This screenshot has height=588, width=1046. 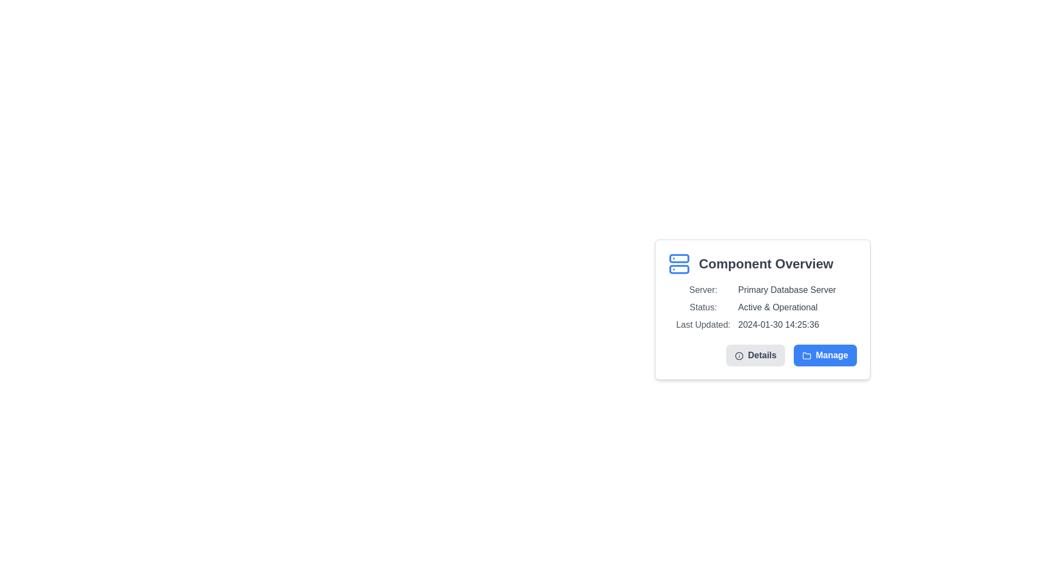 I want to click on the informational text block displaying server status details, which includes 'Server: Primary Database Server', 'Status: Active & Operational', and 'Last Updated: 2024-01-30 14:25:36', located within the 'Component Overview' card, so click(x=762, y=307).